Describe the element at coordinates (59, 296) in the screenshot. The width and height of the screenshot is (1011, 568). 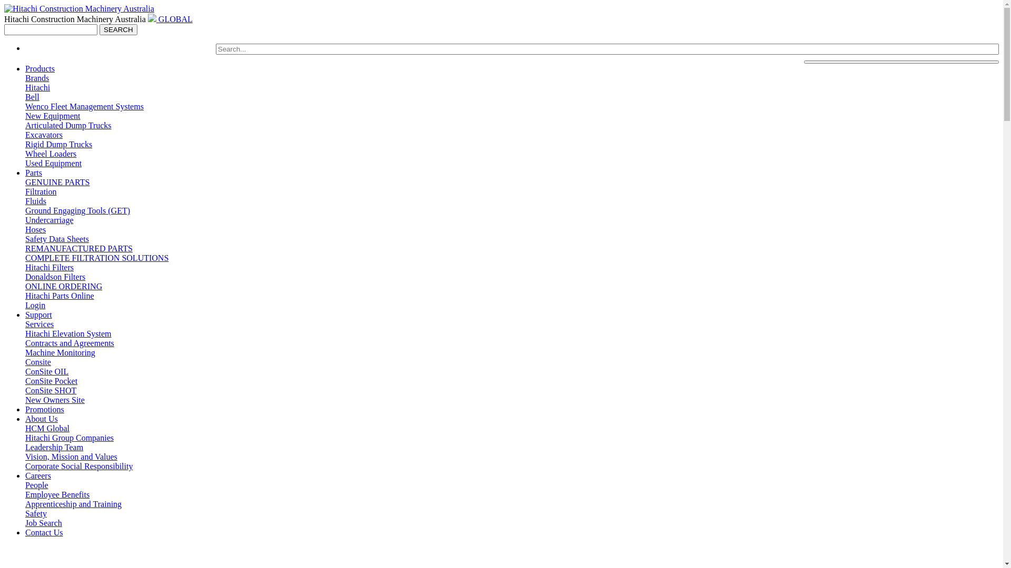
I see `'Hitachi Parts Online'` at that location.